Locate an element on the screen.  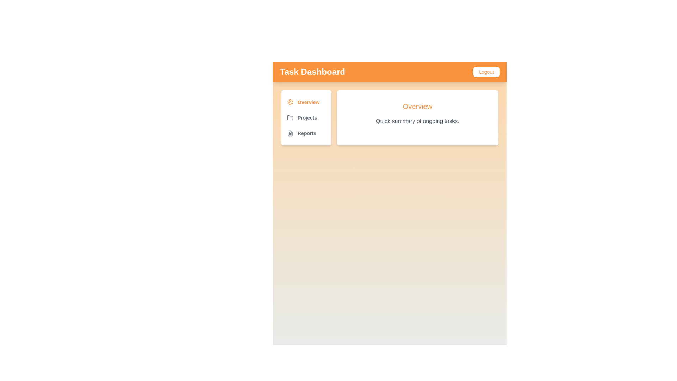
the folder icon in the sidebar menu, which is located directly beside the 'Projects' text and is the second icon in the vertical list is located at coordinates (290, 117).